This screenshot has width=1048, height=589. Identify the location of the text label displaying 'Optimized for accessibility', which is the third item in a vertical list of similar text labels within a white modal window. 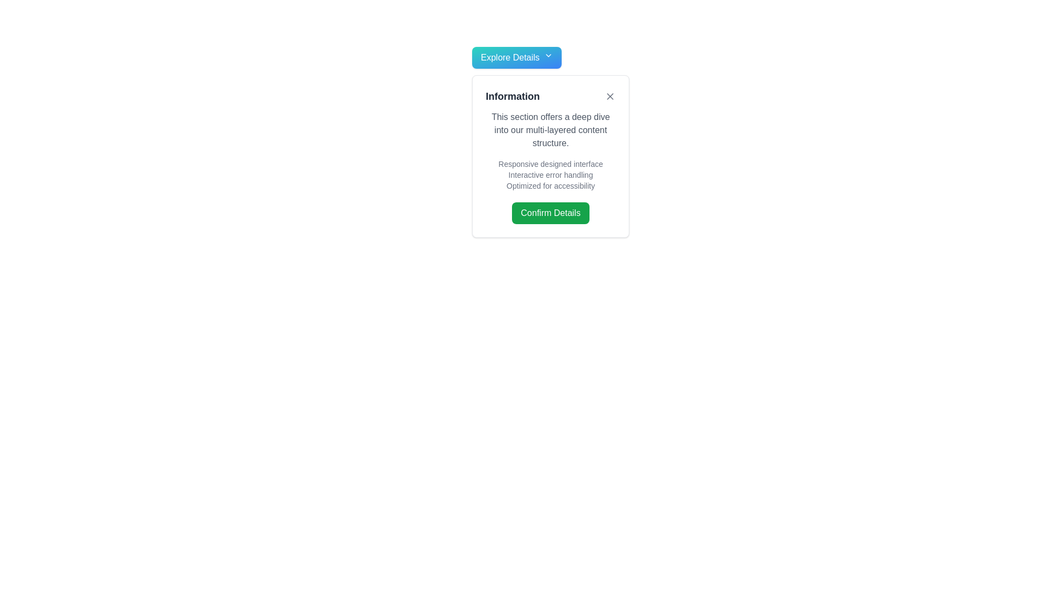
(550, 185).